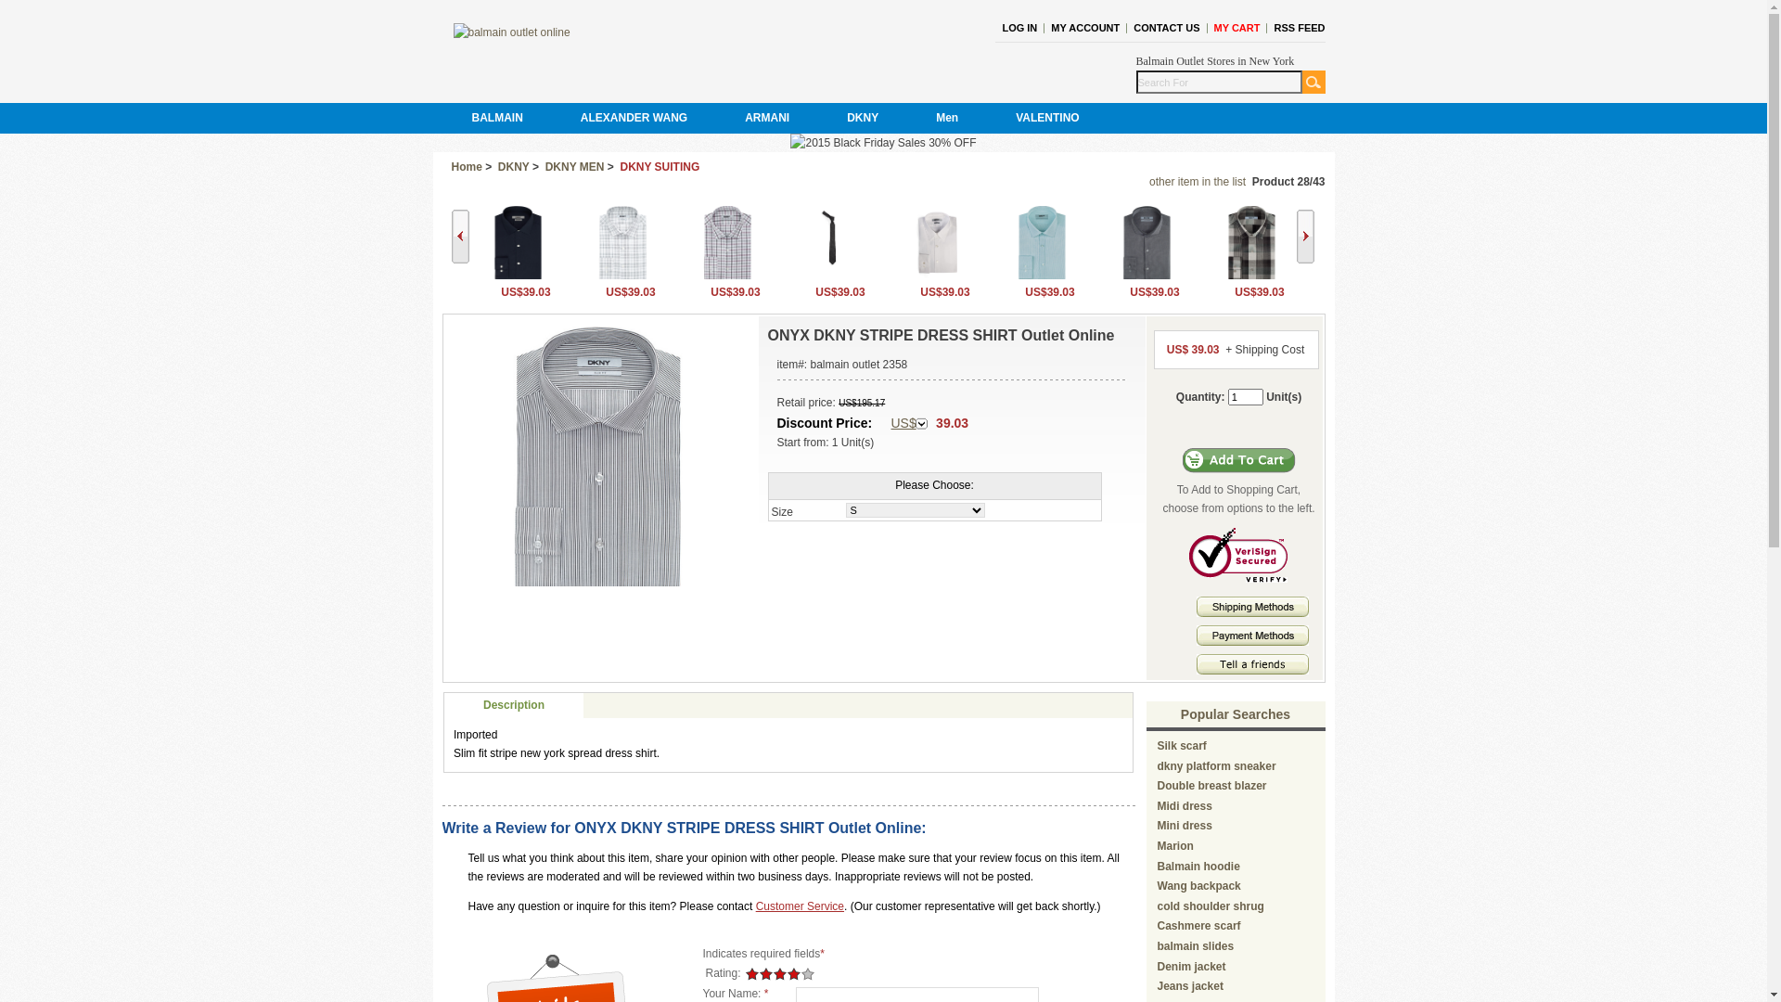 The height and width of the screenshot is (1002, 1781). What do you see at coordinates (1181, 744) in the screenshot?
I see `'Silk scarf'` at bounding box center [1181, 744].